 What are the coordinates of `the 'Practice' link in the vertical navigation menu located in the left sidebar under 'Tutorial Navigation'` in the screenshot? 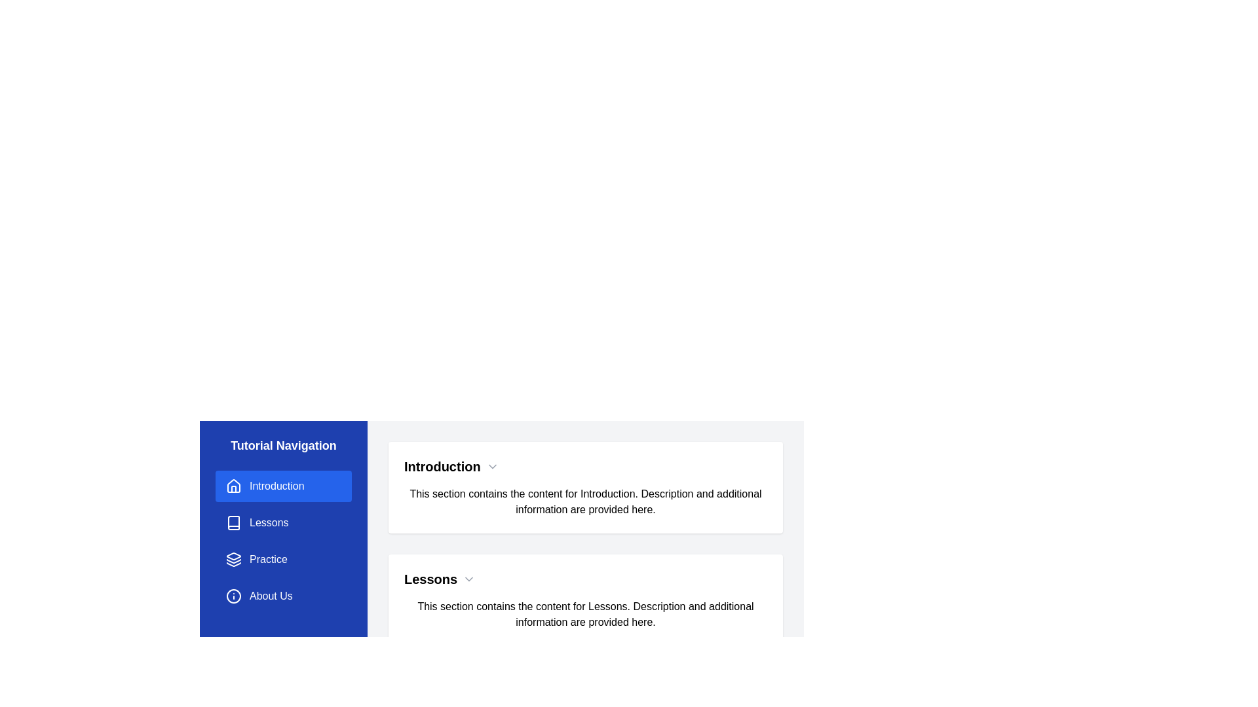 It's located at (282, 541).